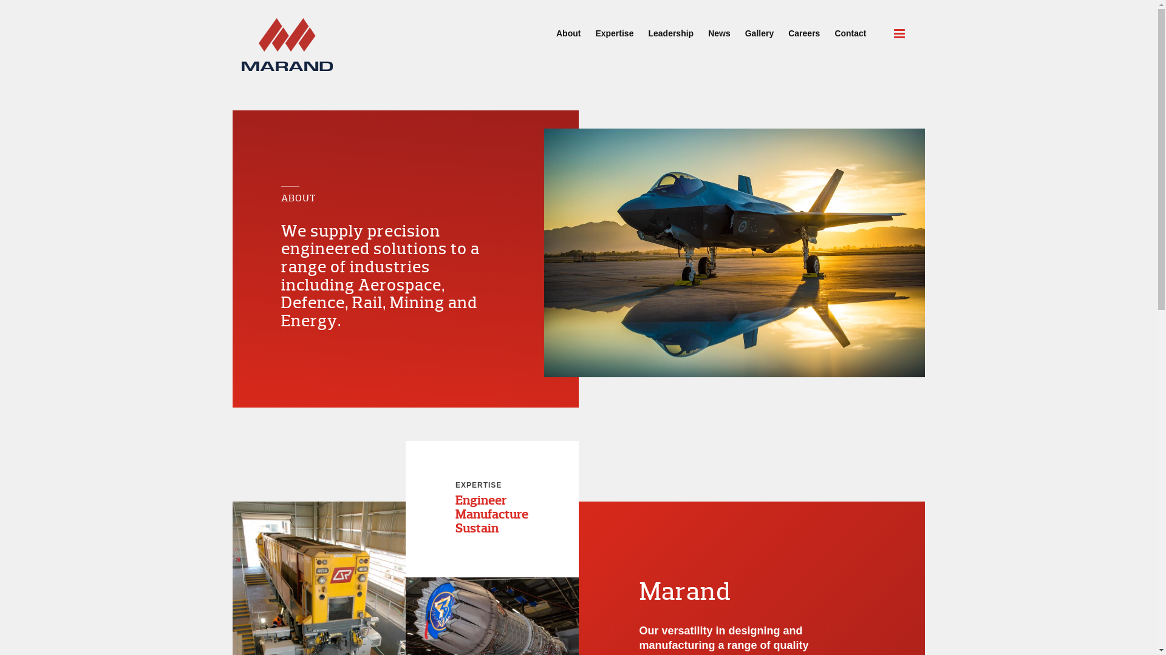 This screenshot has width=1166, height=655. I want to click on 'Leadership', so click(640, 27).